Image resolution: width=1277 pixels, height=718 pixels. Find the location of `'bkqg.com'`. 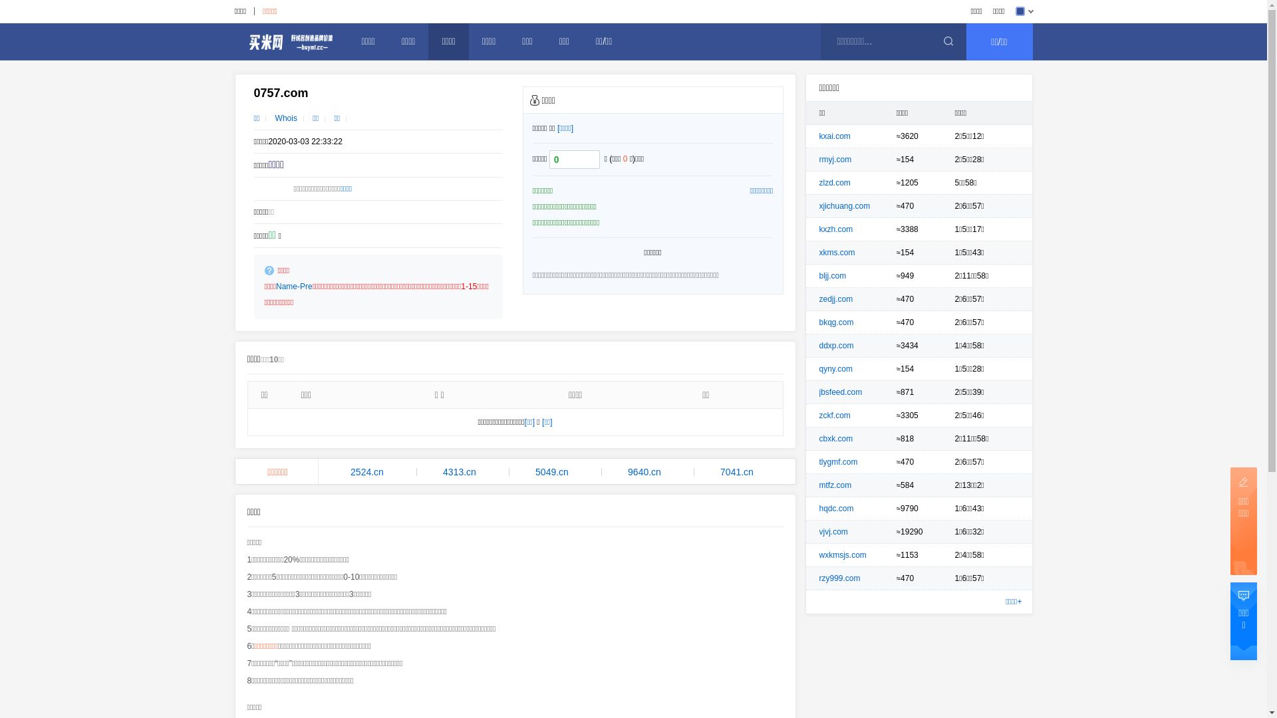

'bkqg.com' is located at coordinates (835, 322).